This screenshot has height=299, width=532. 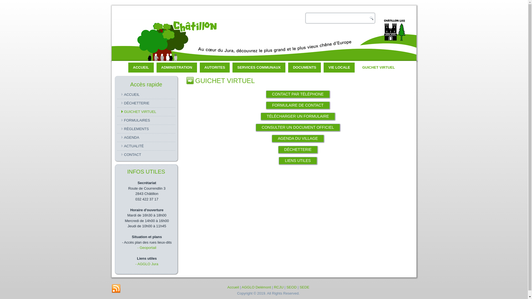 I want to click on 'GUICHET VIRTUEL', so click(x=378, y=67).